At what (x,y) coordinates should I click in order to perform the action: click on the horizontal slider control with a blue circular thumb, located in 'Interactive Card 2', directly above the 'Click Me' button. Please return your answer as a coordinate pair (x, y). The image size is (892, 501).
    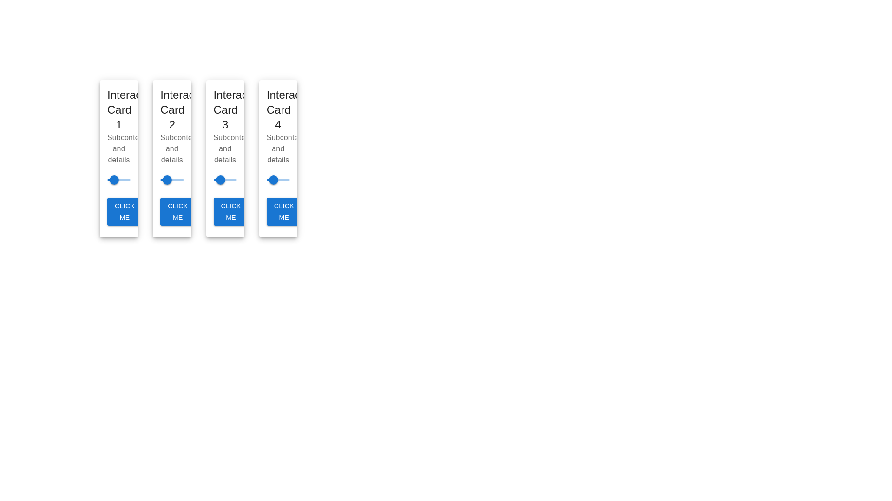
    Looking at the image, I should click on (172, 180).